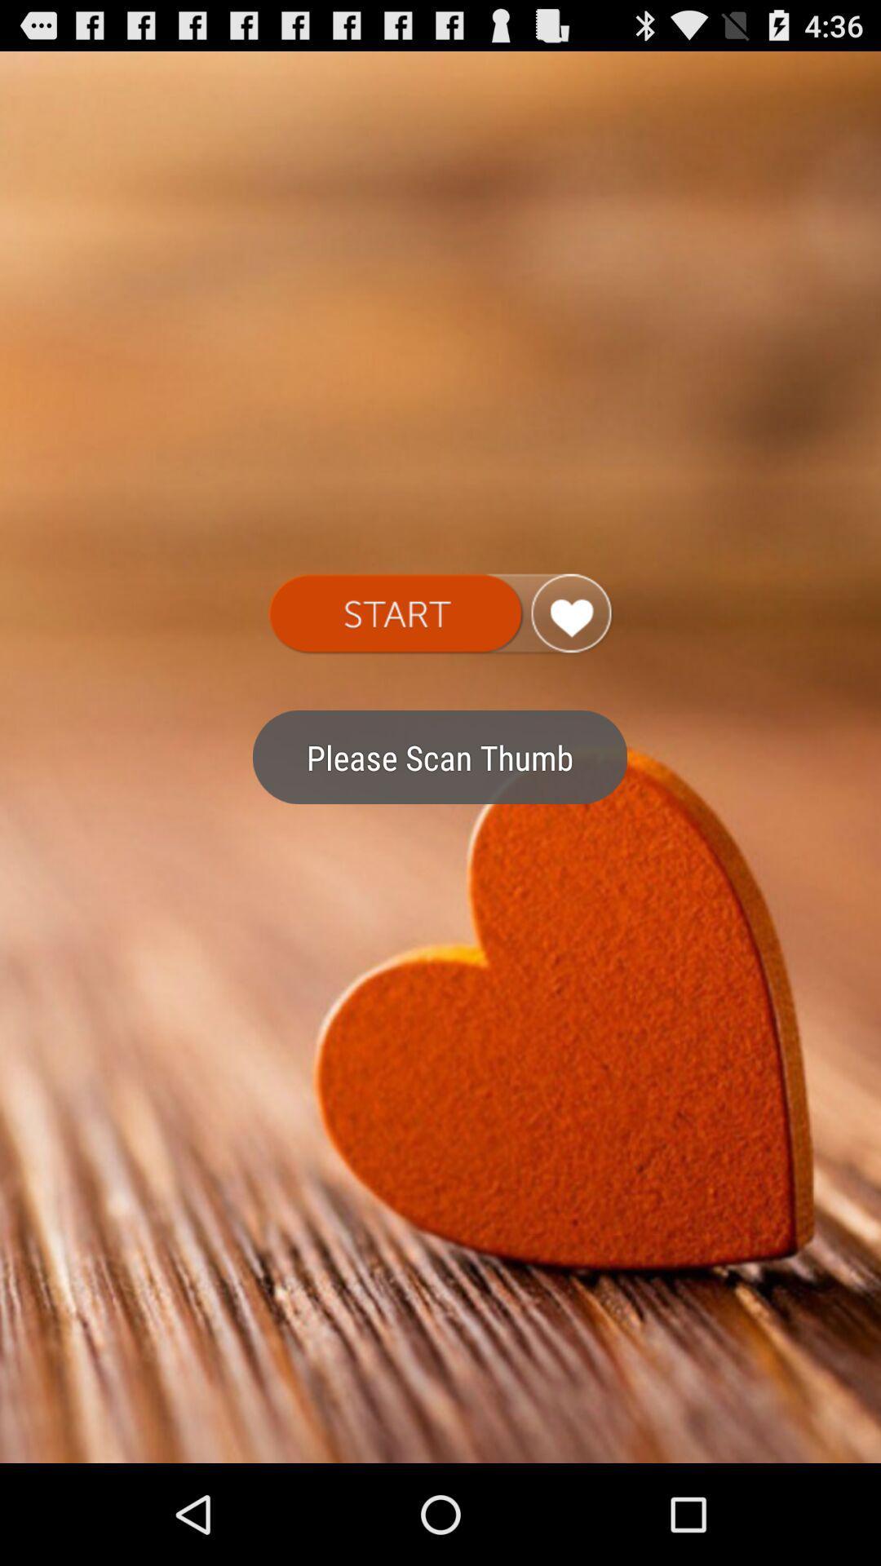 This screenshot has width=881, height=1566. Describe the element at coordinates (439, 613) in the screenshot. I see `start option` at that location.